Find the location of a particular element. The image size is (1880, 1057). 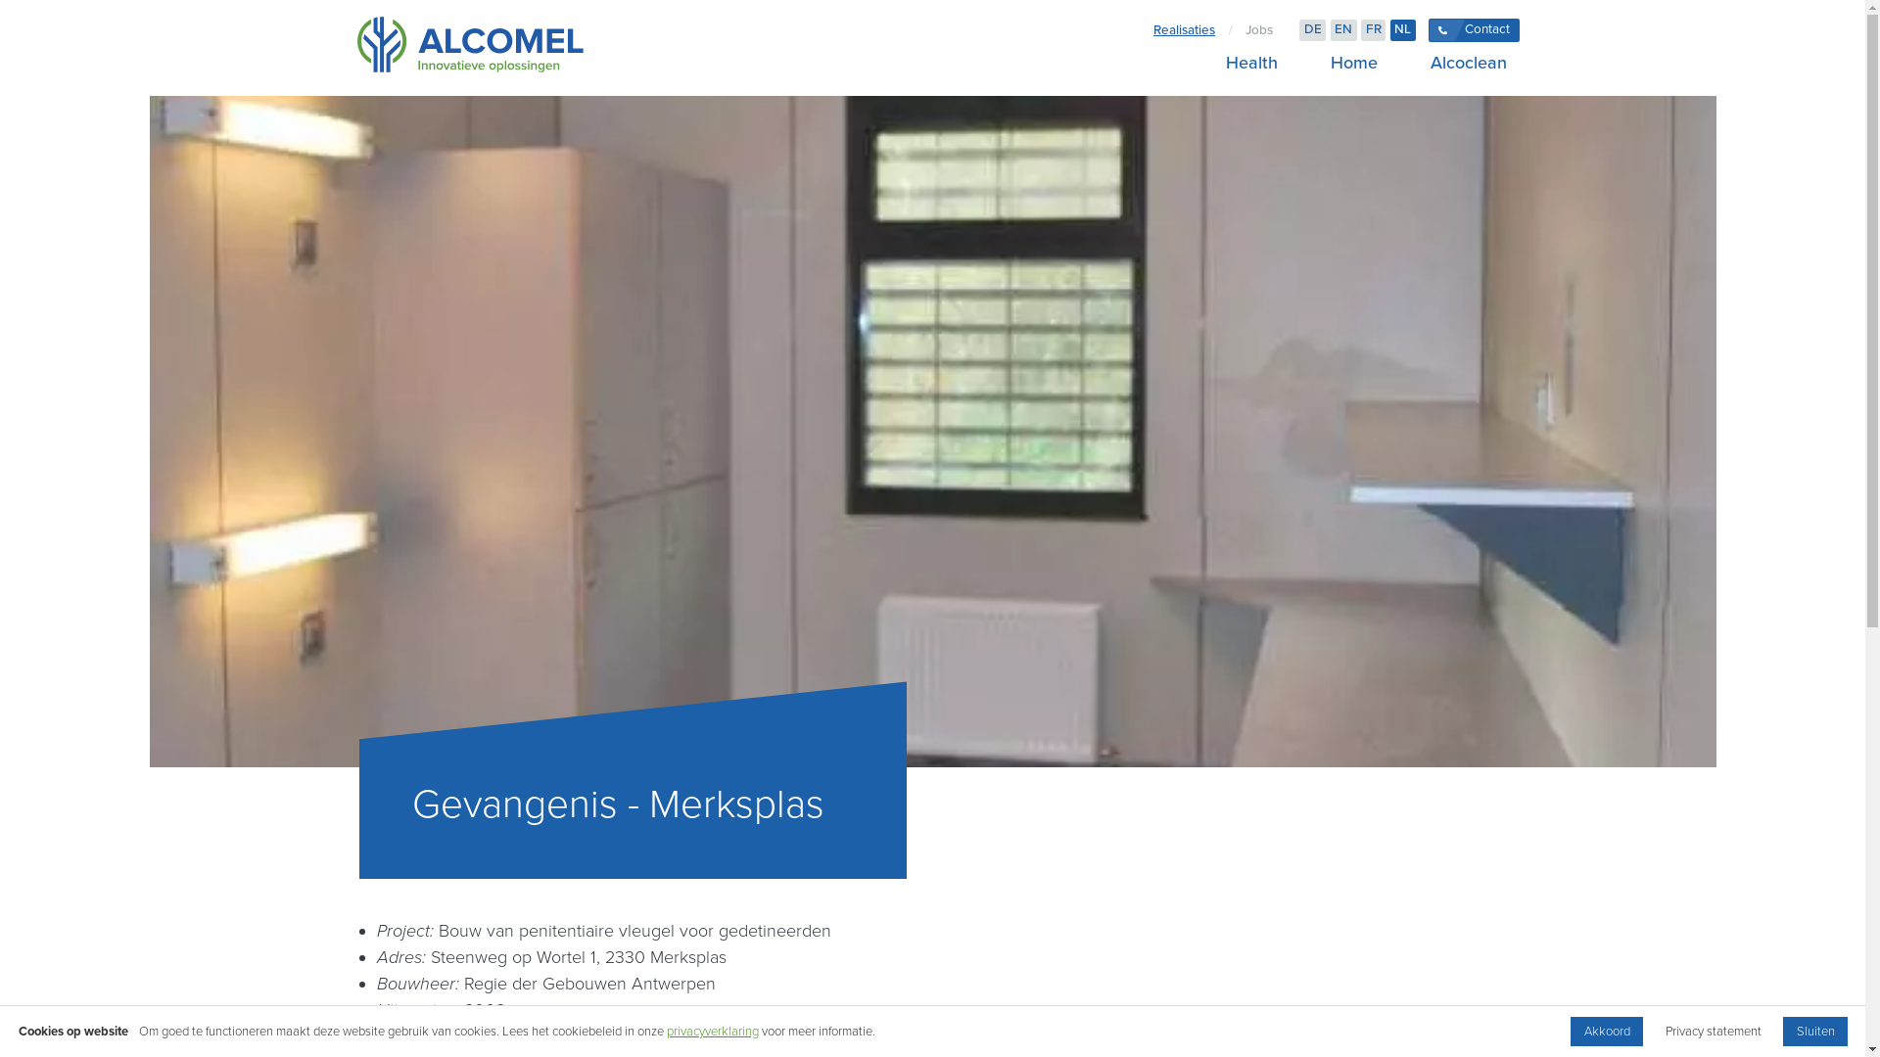

'Home' is located at coordinates (1352, 62).